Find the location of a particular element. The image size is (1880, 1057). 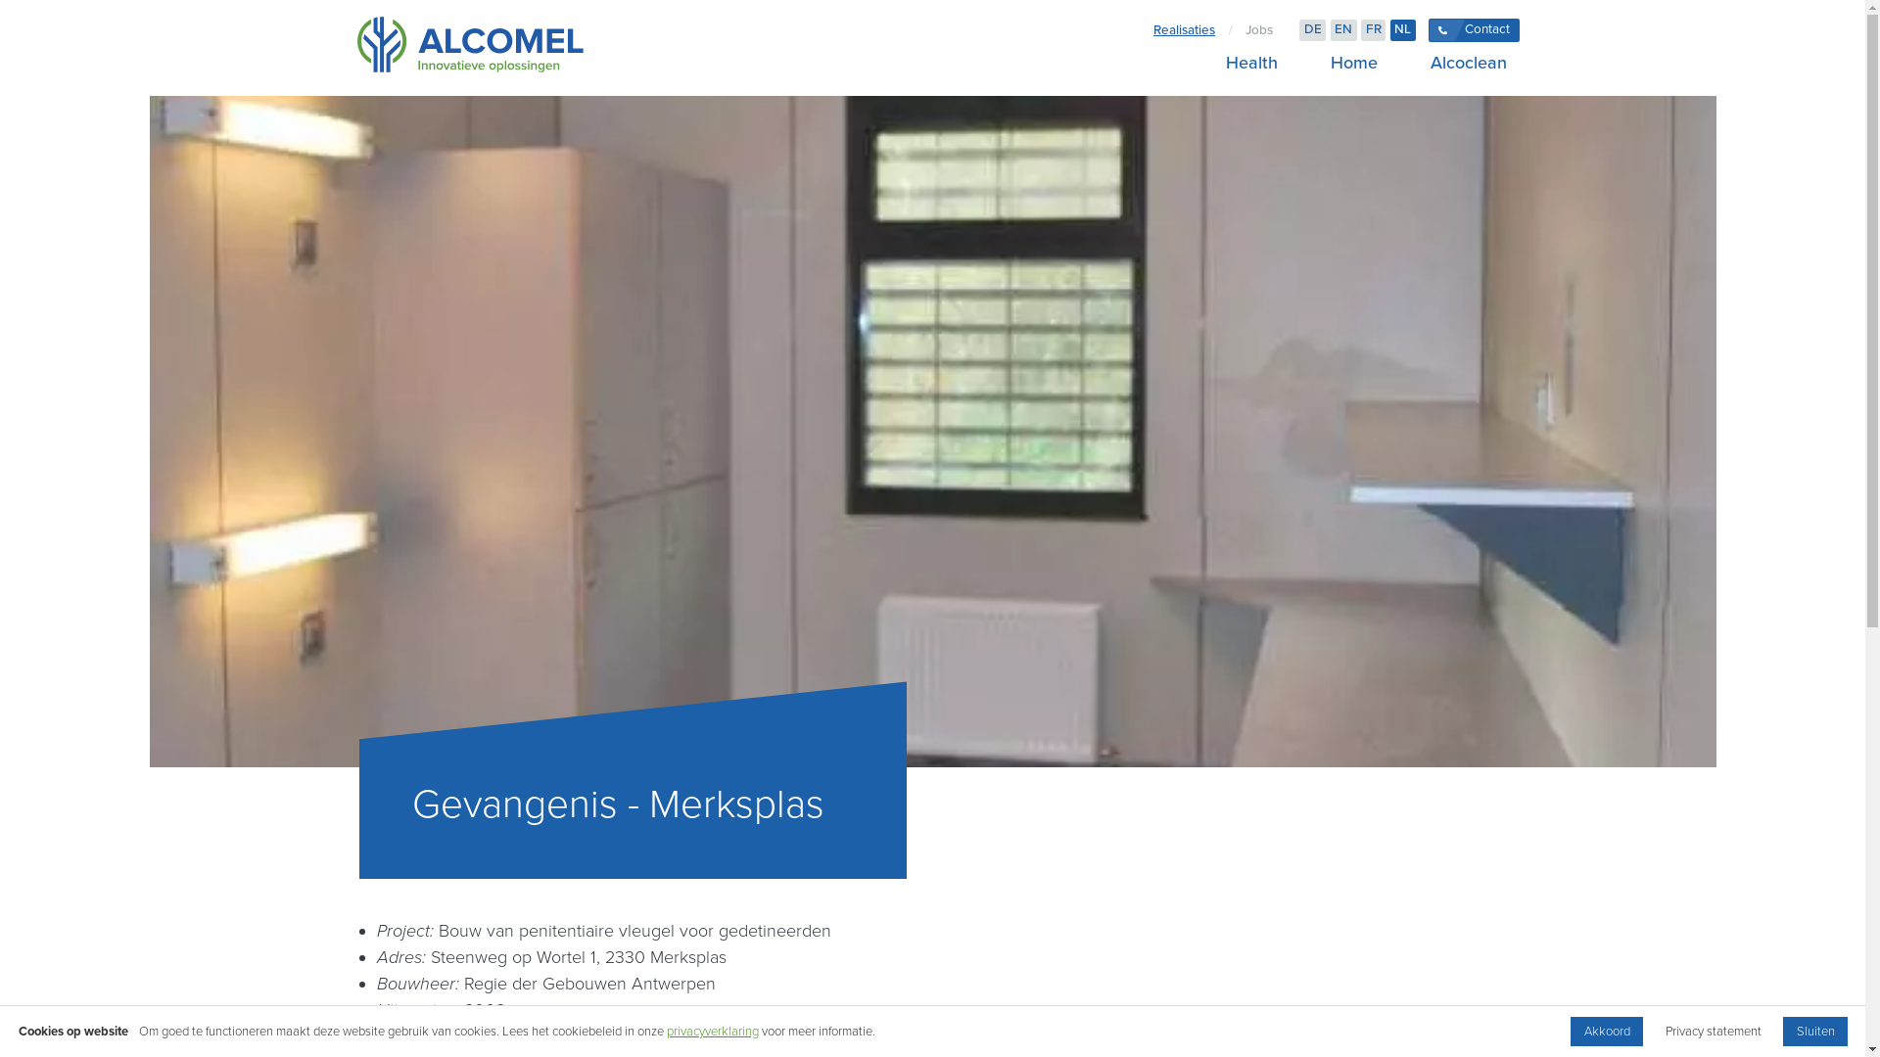

'Home' is located at coordinates (1352, 62).